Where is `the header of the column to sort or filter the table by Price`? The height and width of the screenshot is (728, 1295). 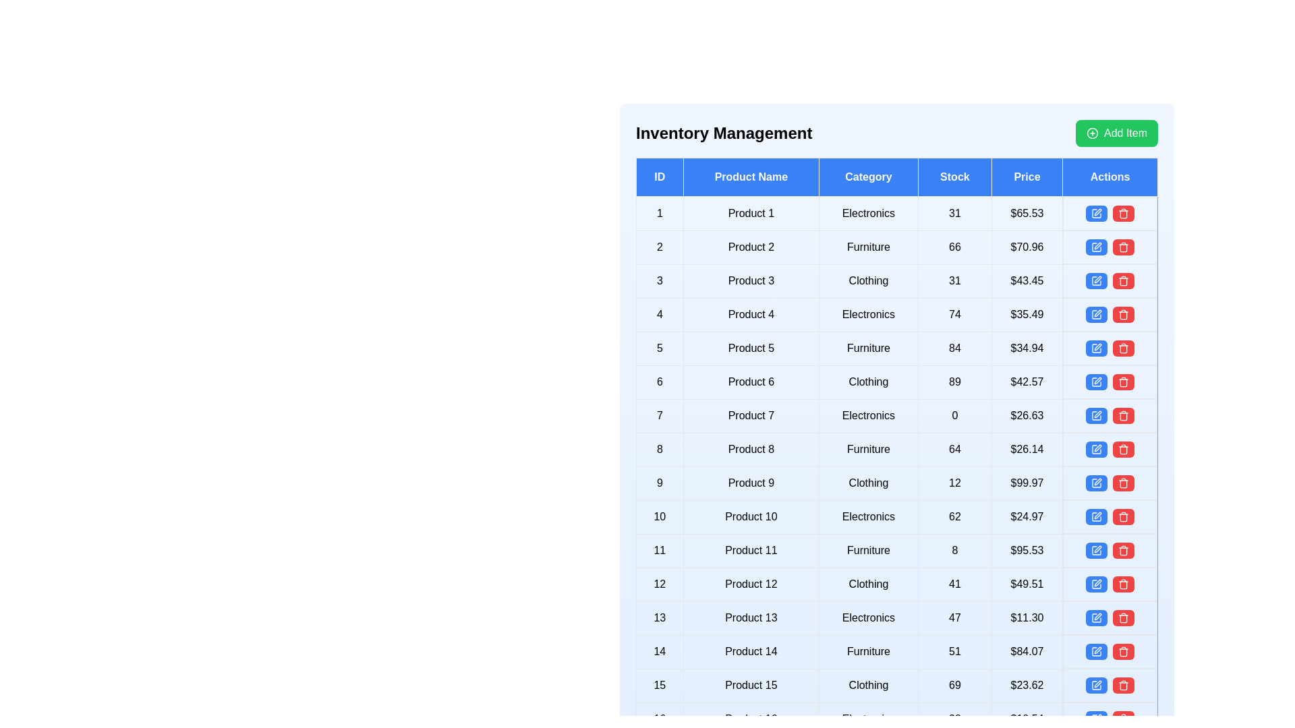 the header of the column to sort or filter the table by Price is located at coordinates (1025, 176).